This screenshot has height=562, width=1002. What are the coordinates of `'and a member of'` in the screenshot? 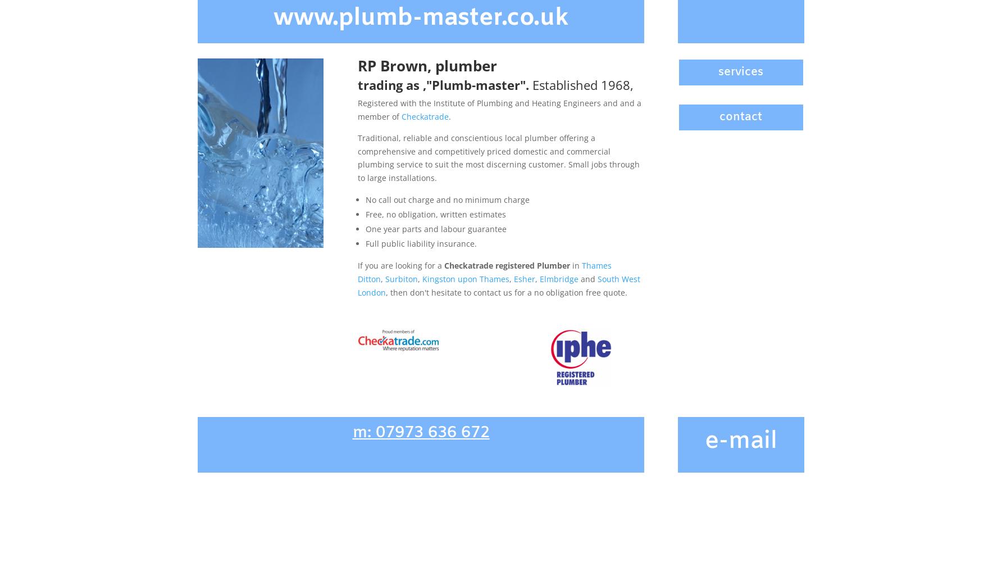 It's located at (498, 109).